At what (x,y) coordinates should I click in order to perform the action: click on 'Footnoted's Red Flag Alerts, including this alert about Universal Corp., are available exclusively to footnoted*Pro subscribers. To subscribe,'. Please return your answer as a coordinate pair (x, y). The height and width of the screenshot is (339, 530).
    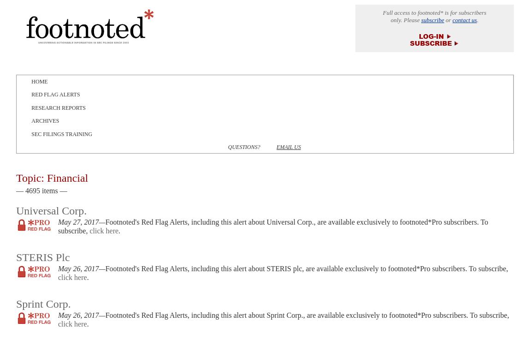
    Looking at the image, I should click on (272, 226).